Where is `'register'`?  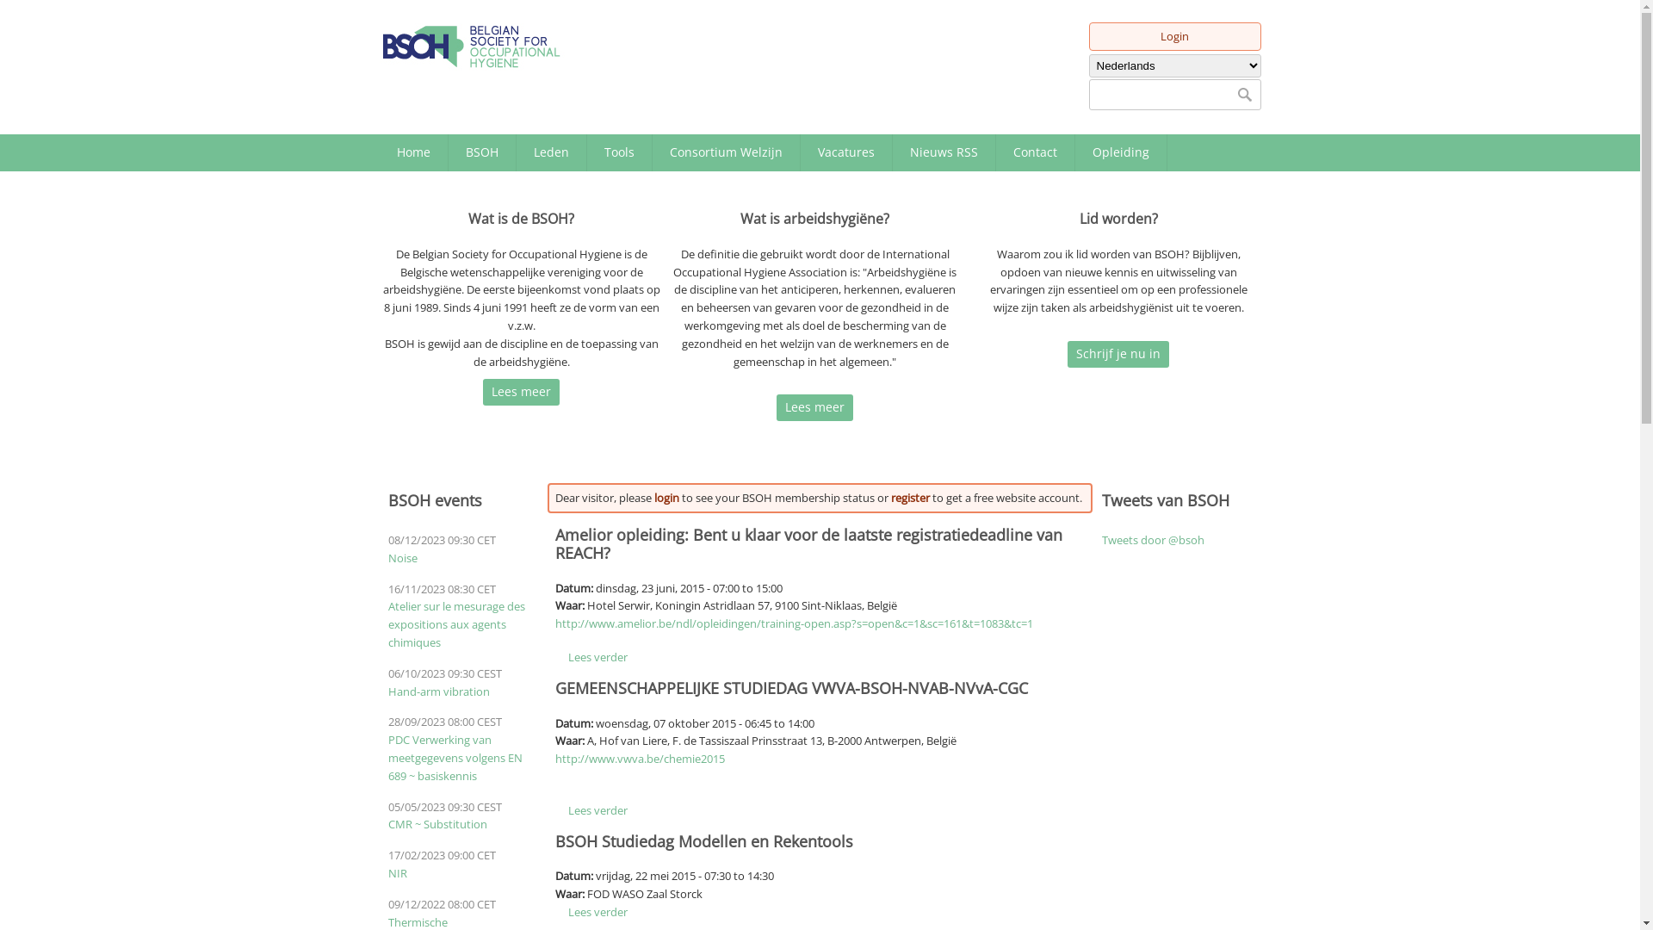 'register' is located at coordinates (909, 498).